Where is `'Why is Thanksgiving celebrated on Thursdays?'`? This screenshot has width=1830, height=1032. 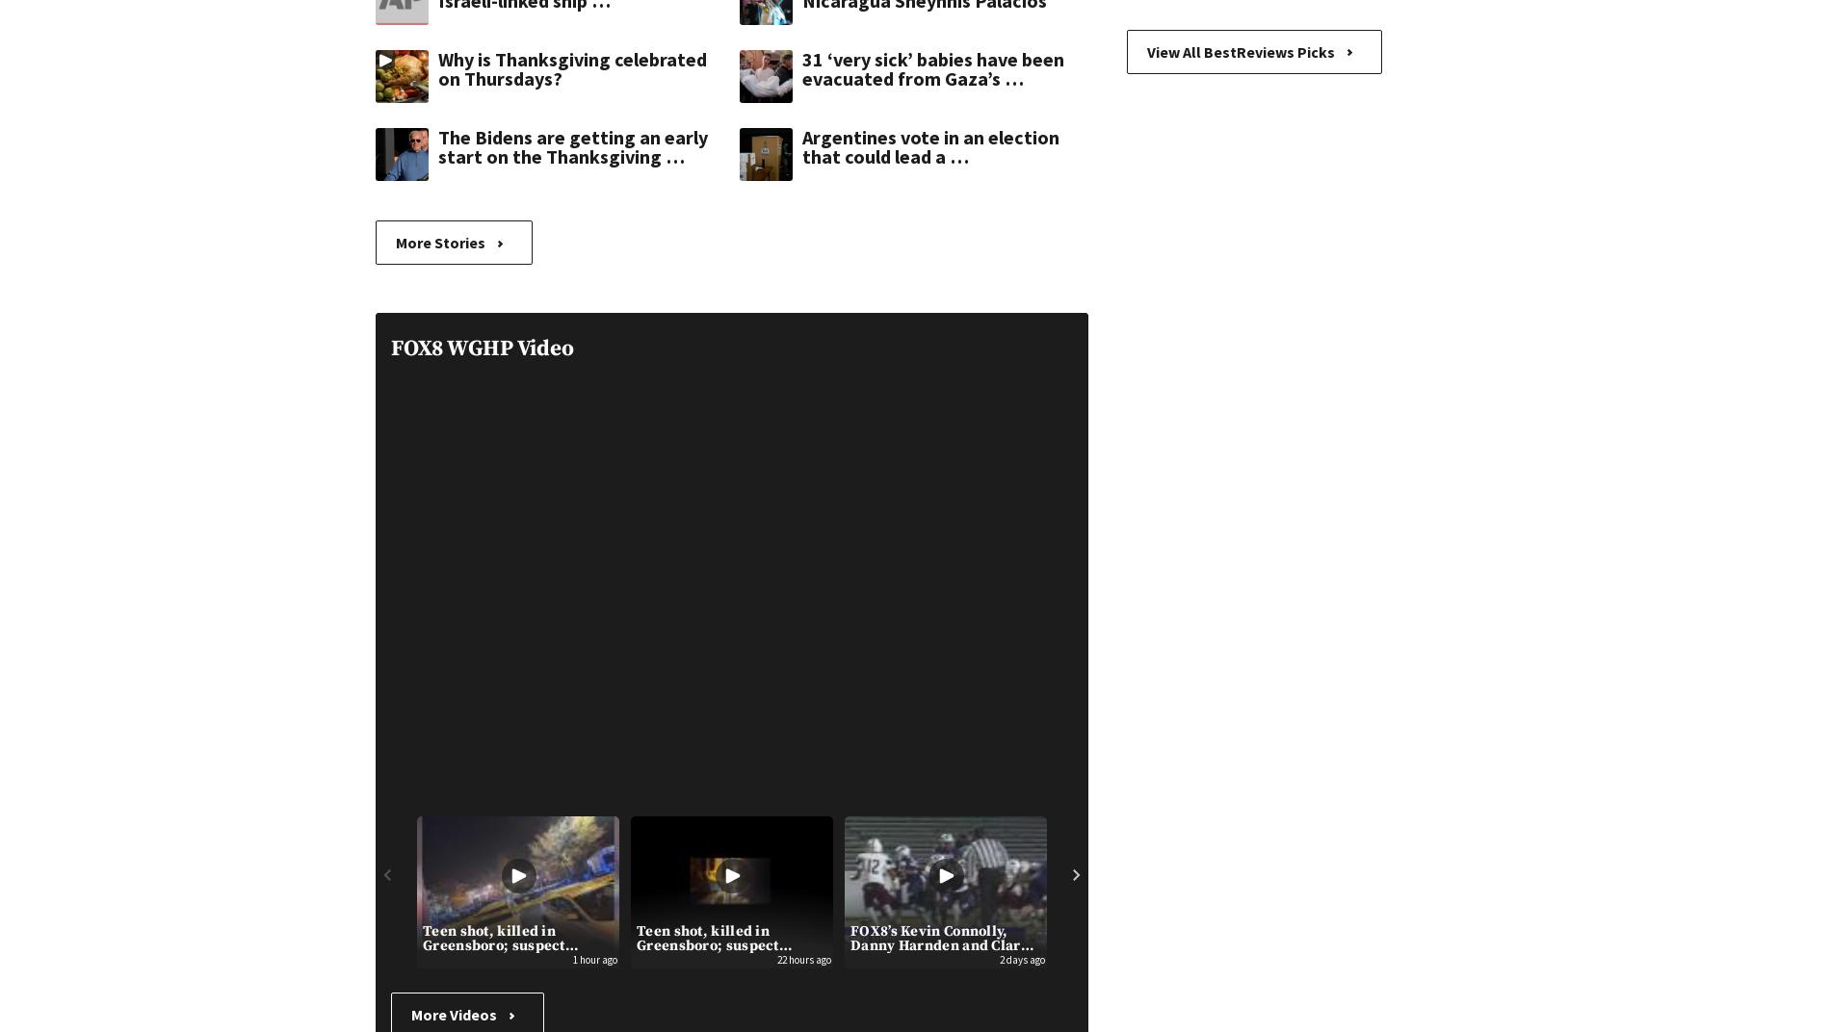 'Why is Thanksgiving celebrated on Thursdays?' is located at coordinates (572, 68).